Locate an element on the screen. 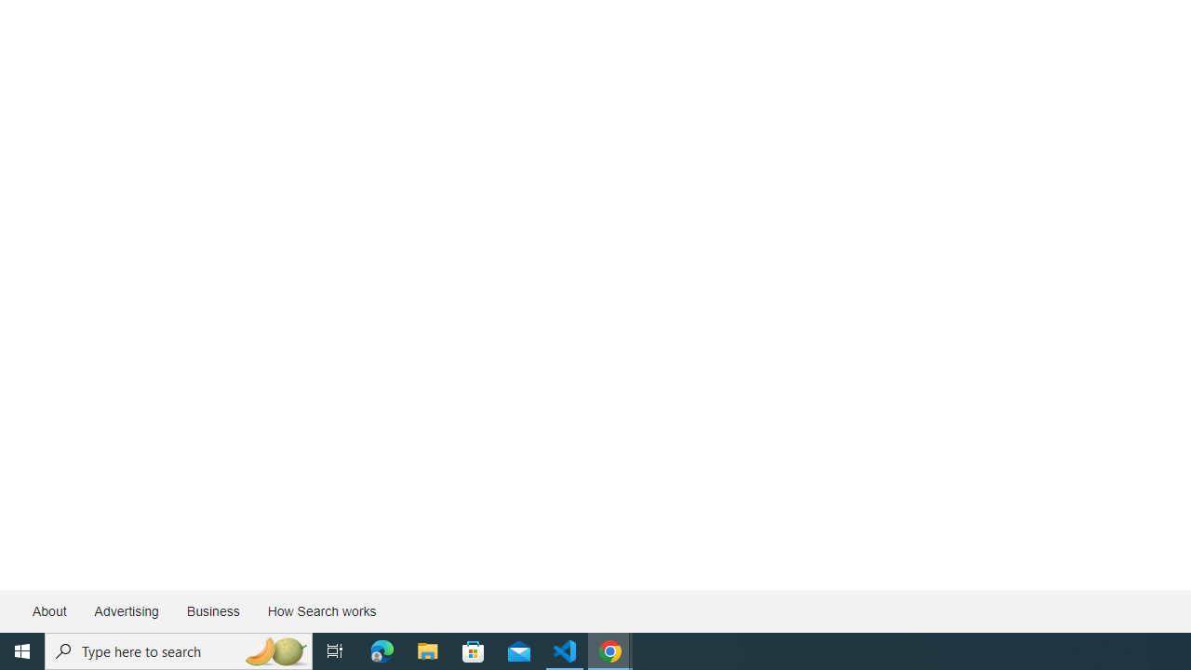 This screenshot has height=670, width=1191. 'Business' is located at coordinates (213, 611).